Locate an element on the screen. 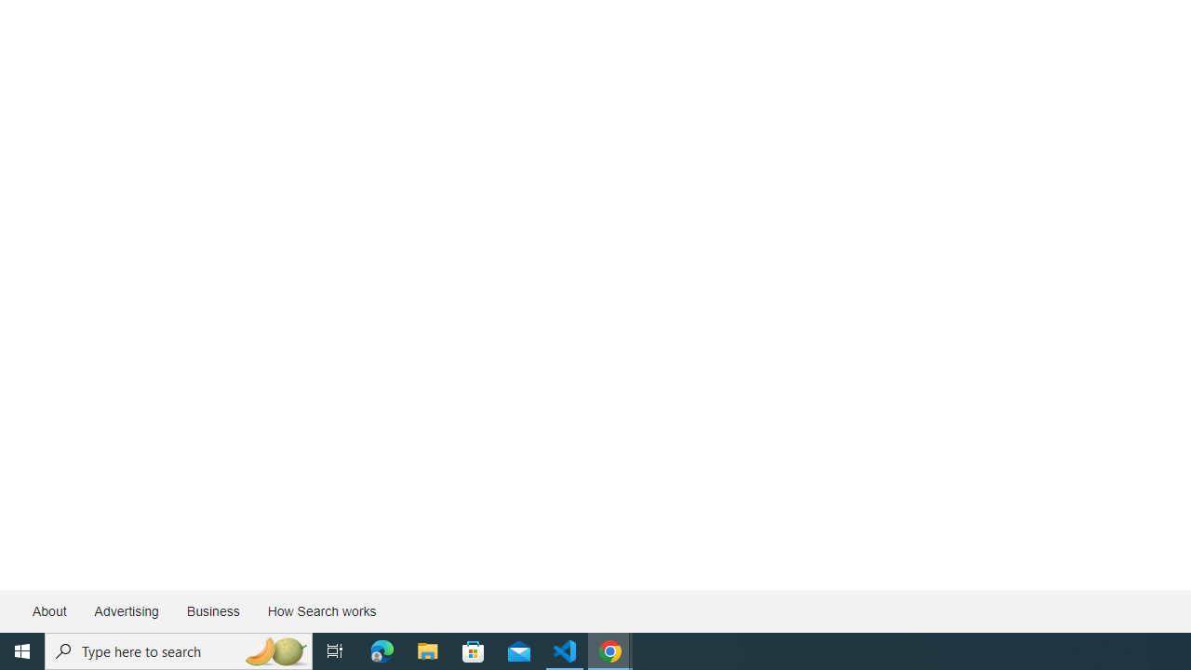 This screenshot has height=670, width=1191. 'Business' is located at coordinates (213, 611).